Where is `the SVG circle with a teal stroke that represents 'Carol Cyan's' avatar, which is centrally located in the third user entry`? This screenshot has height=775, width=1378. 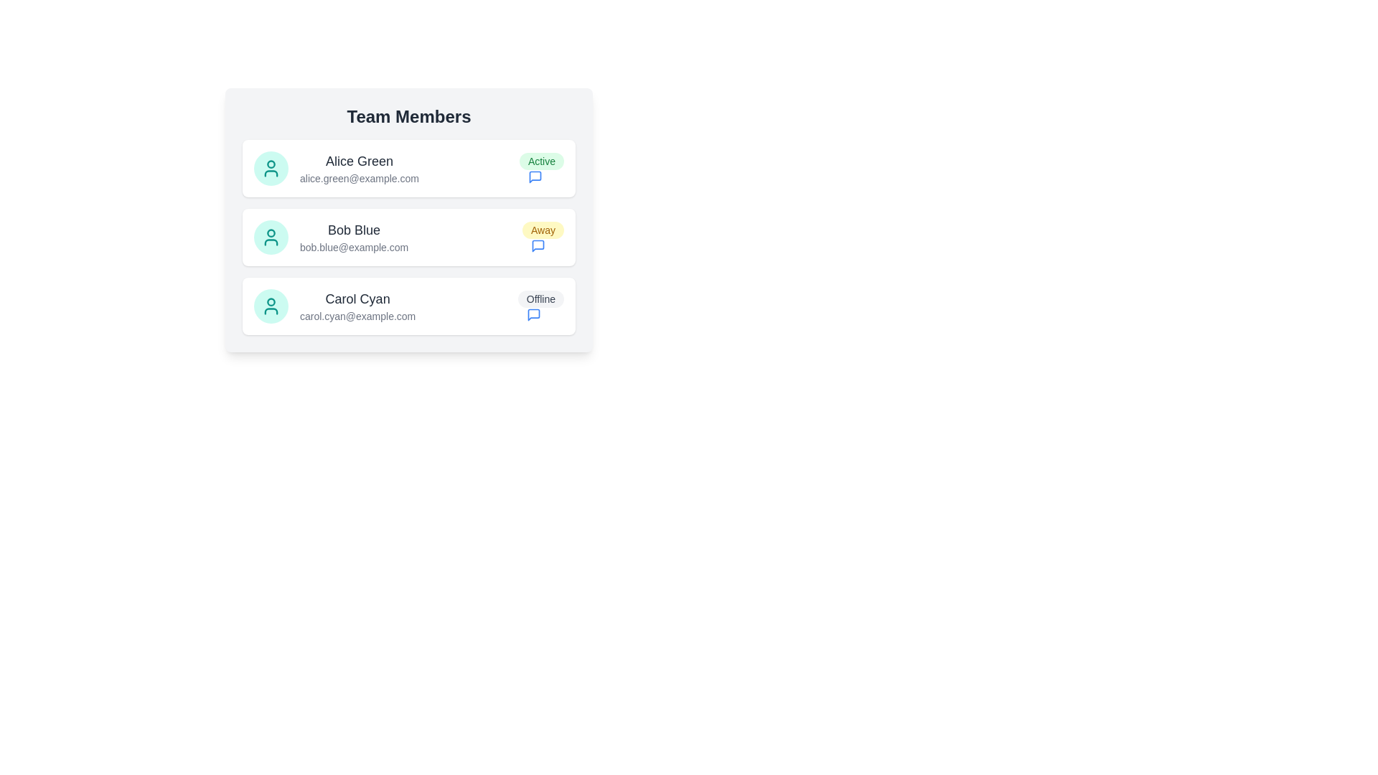 the SVG circle with a teal stroke that represents 'Carol Cyan's' avatar, which is centrally located in the third user entry is located at coordinates (271, 301).